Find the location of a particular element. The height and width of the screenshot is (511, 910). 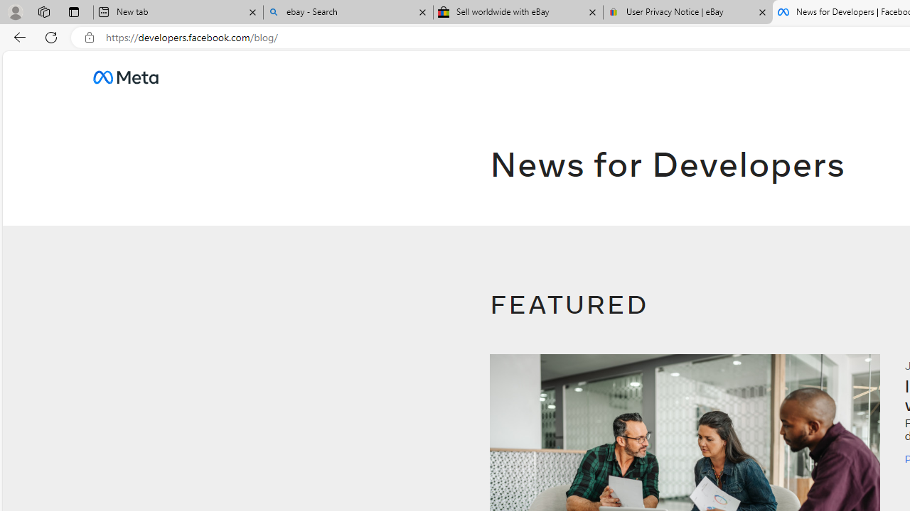

'Sell worldwide with eBay' is located at coordinates (518, 12).